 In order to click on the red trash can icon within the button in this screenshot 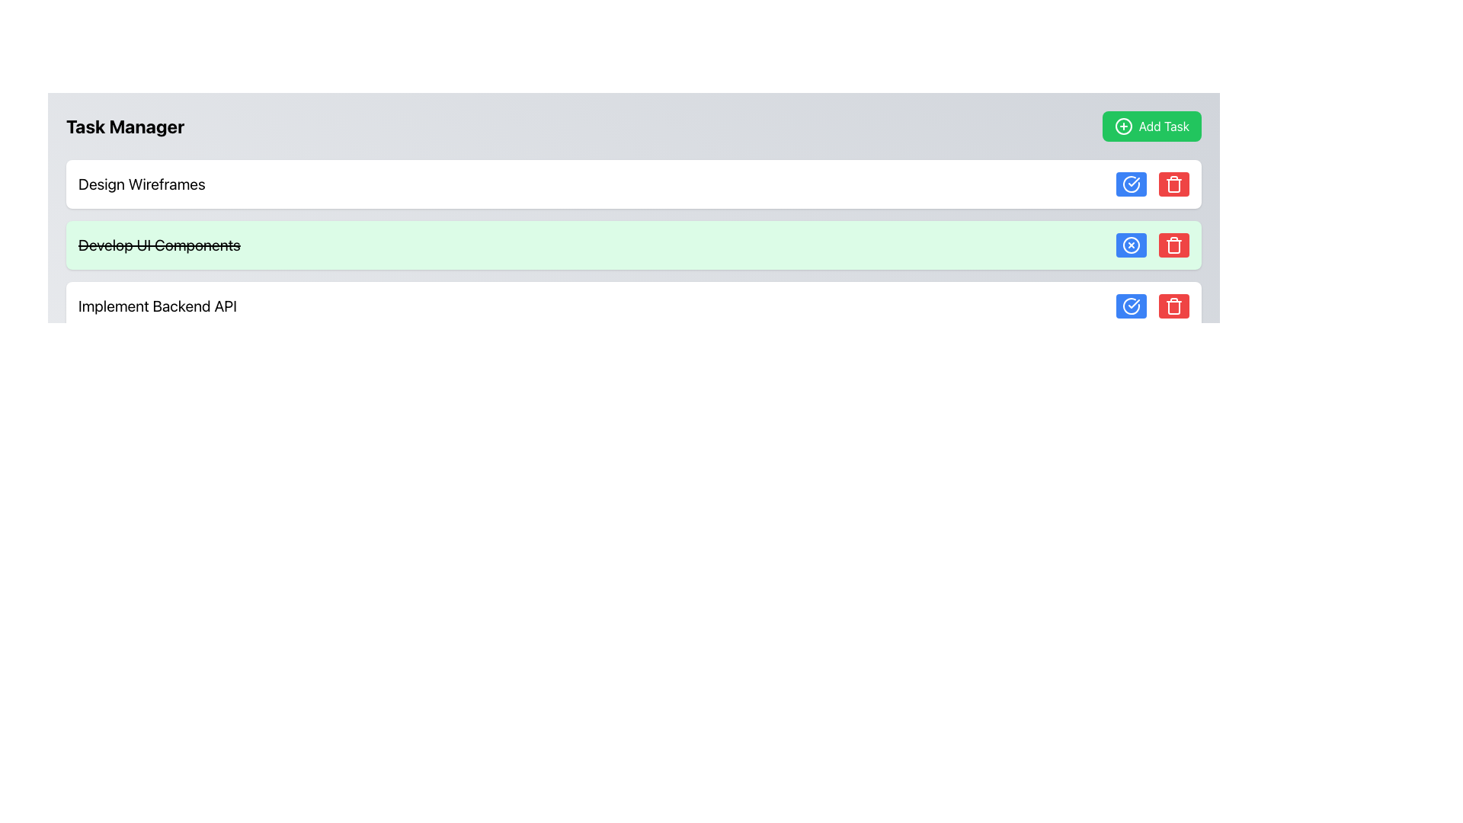, I will do `click(1173, 184)`.